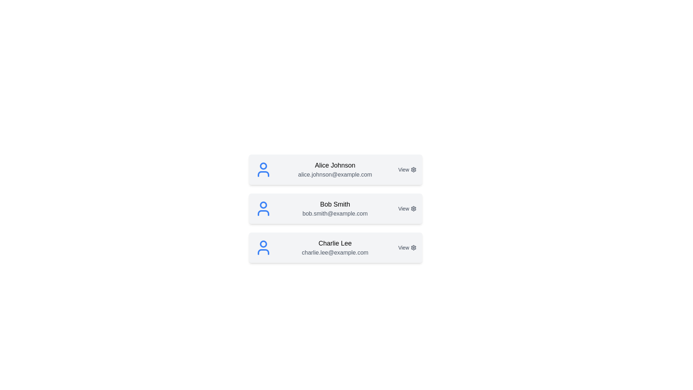  What do you see at coordinates (413, 170) in the screenshot?
I see `the settings gear SVG icon adjacent to the 'View' text link for the first user, Alice Johnson` at bounding box center [413, 170].